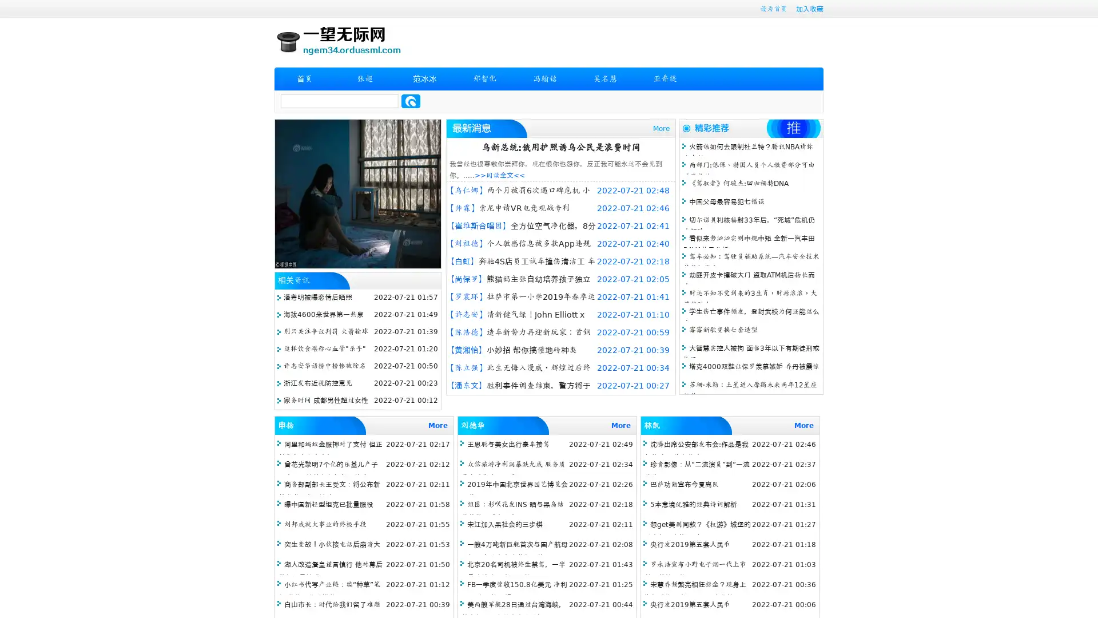 This screenshot has width=1098, height=618. What do you see at coordinates (411, 101) in the screenshot?
I see `Search` at bounding box center [411, 101].